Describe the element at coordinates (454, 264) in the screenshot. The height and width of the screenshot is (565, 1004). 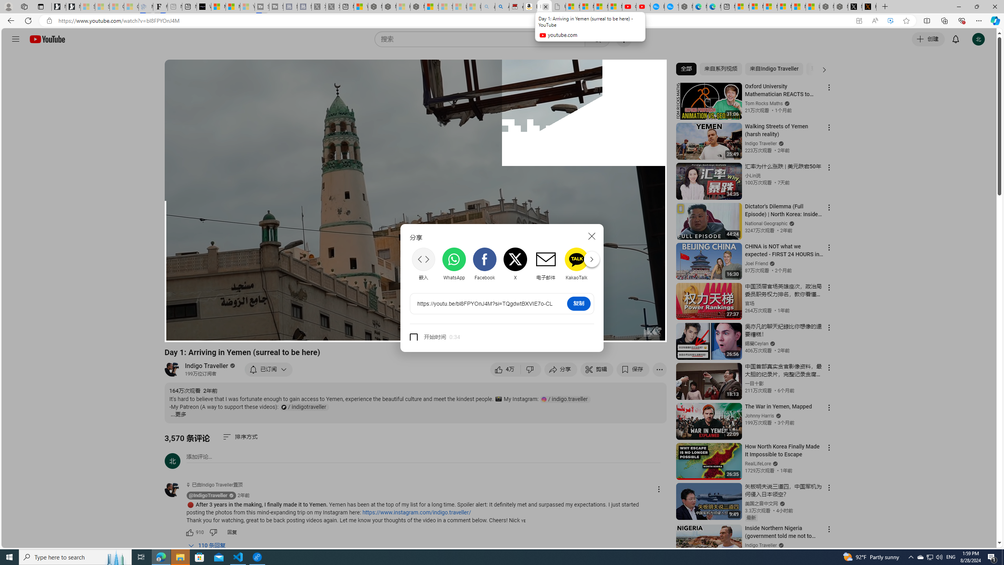
I see `'WhatsApp'` at that location.